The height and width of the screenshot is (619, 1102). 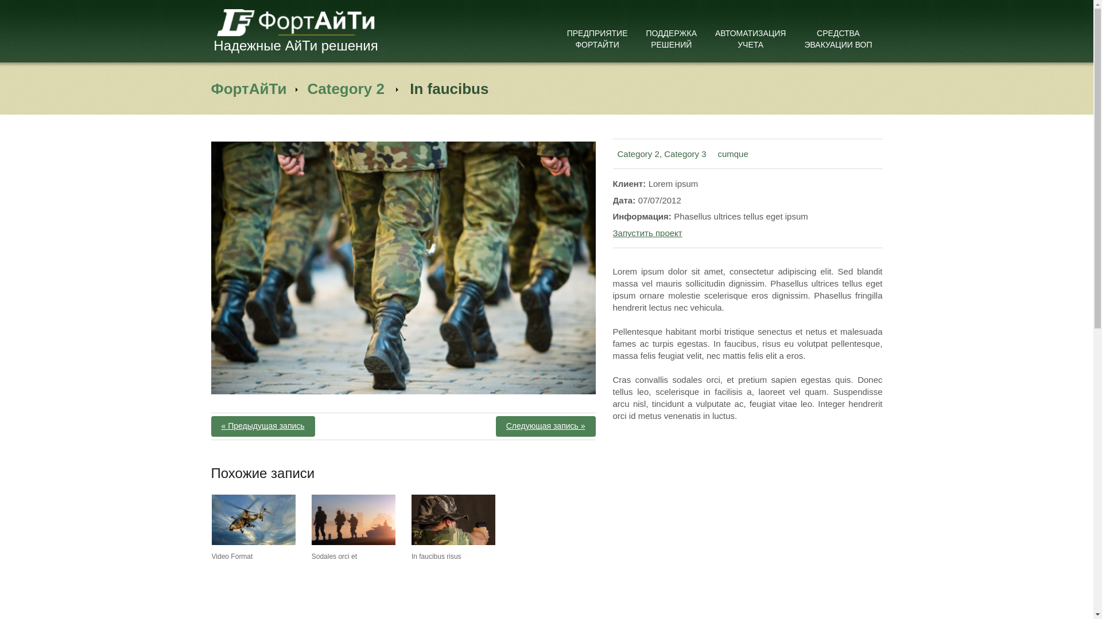 I want to click on 'In faucibus risus', so click(x=453, y=519).